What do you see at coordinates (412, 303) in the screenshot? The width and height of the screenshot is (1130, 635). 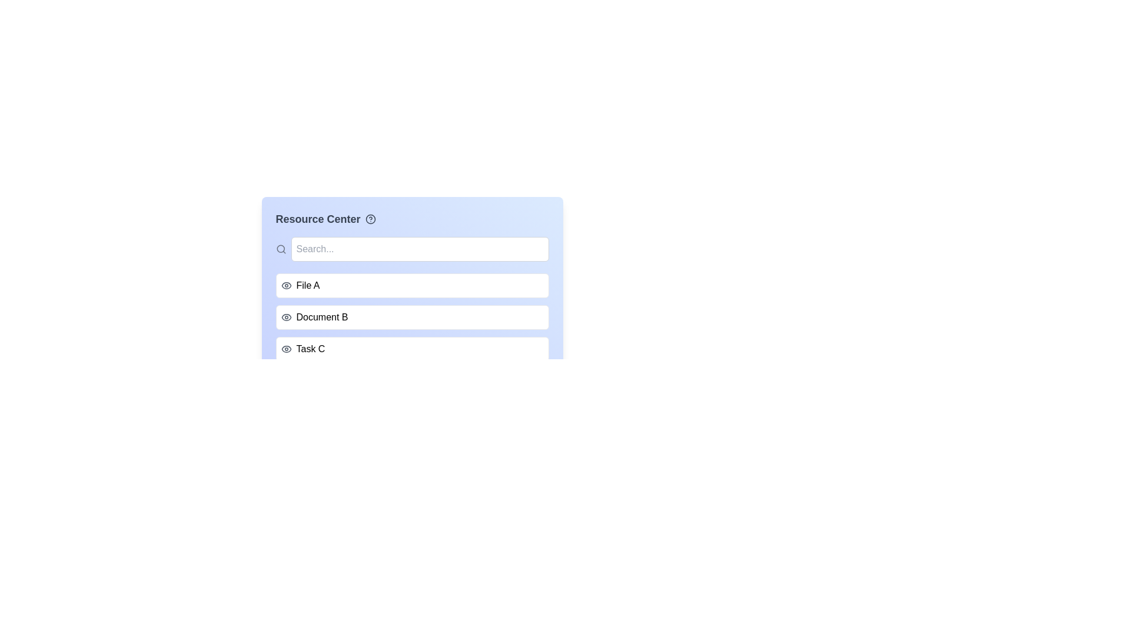 I see `the second list item or navigational button located centrally below the 'Resource Center' header` at bounding box center [412, 303].